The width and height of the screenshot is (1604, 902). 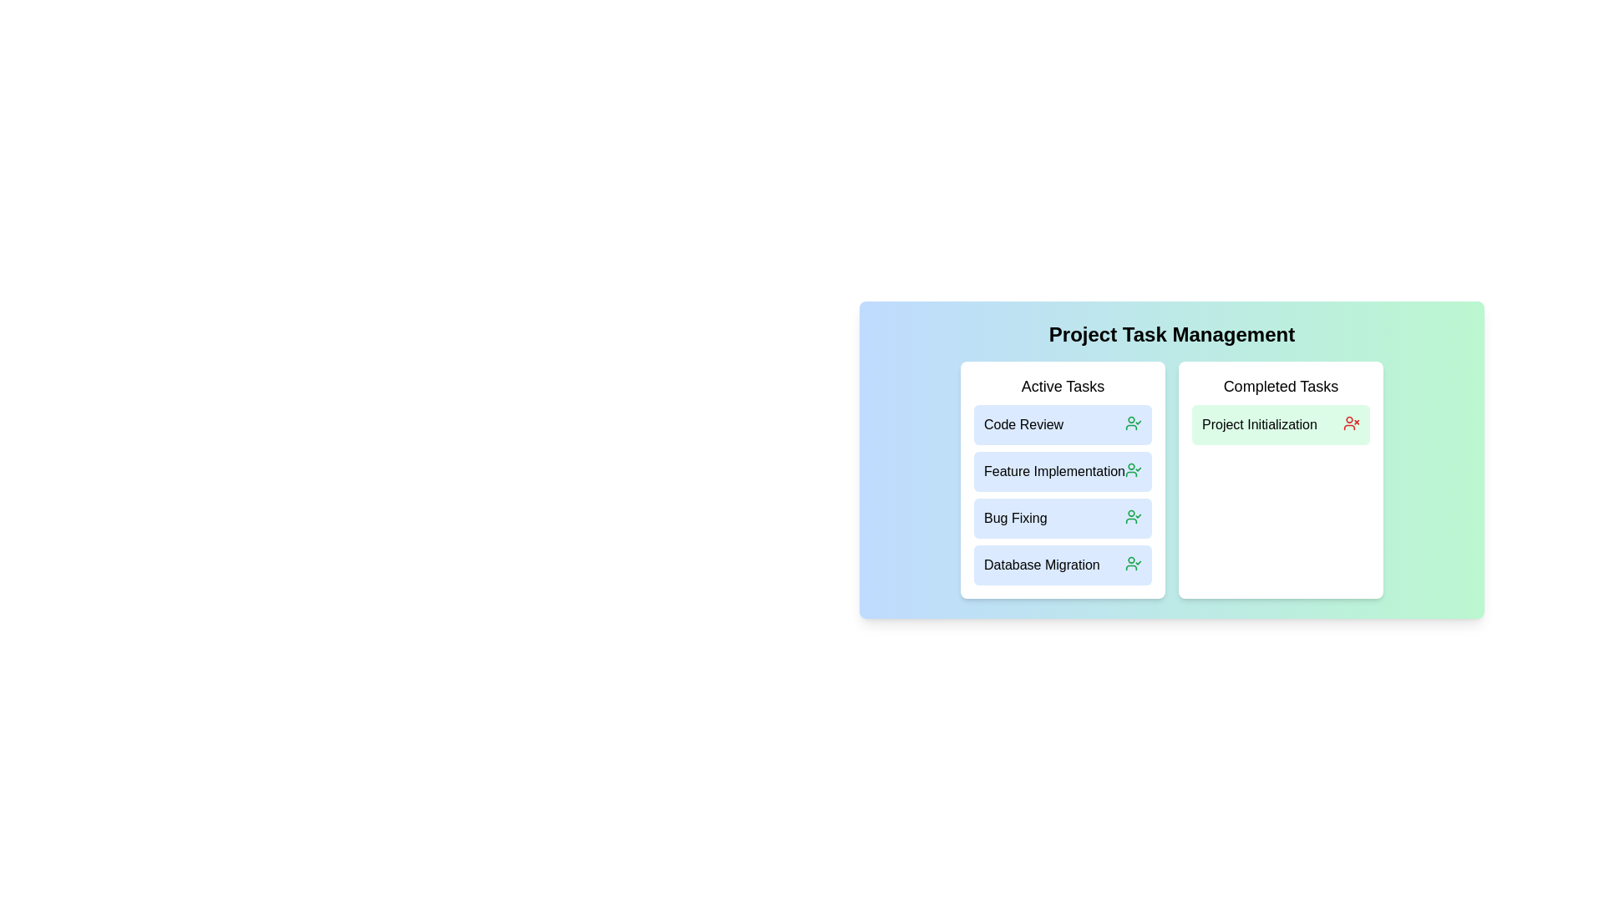 What do you see at coordinates (1134, 564) in the screenshot?
I see `the 'UserCheck' icon associated with the task 'Database Migration'` at bounding box center [1134, 564].